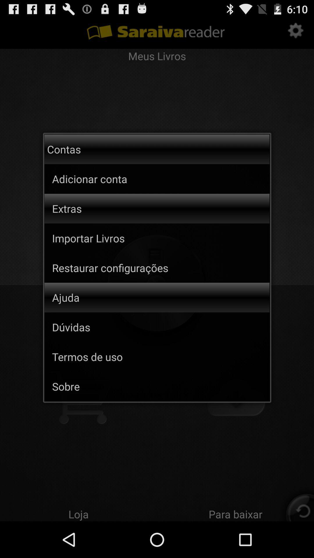  What do you see at coordinates (71, 327) in the screenshot?
I see `the item below the ajuda app` at bounding box center [71, 327].